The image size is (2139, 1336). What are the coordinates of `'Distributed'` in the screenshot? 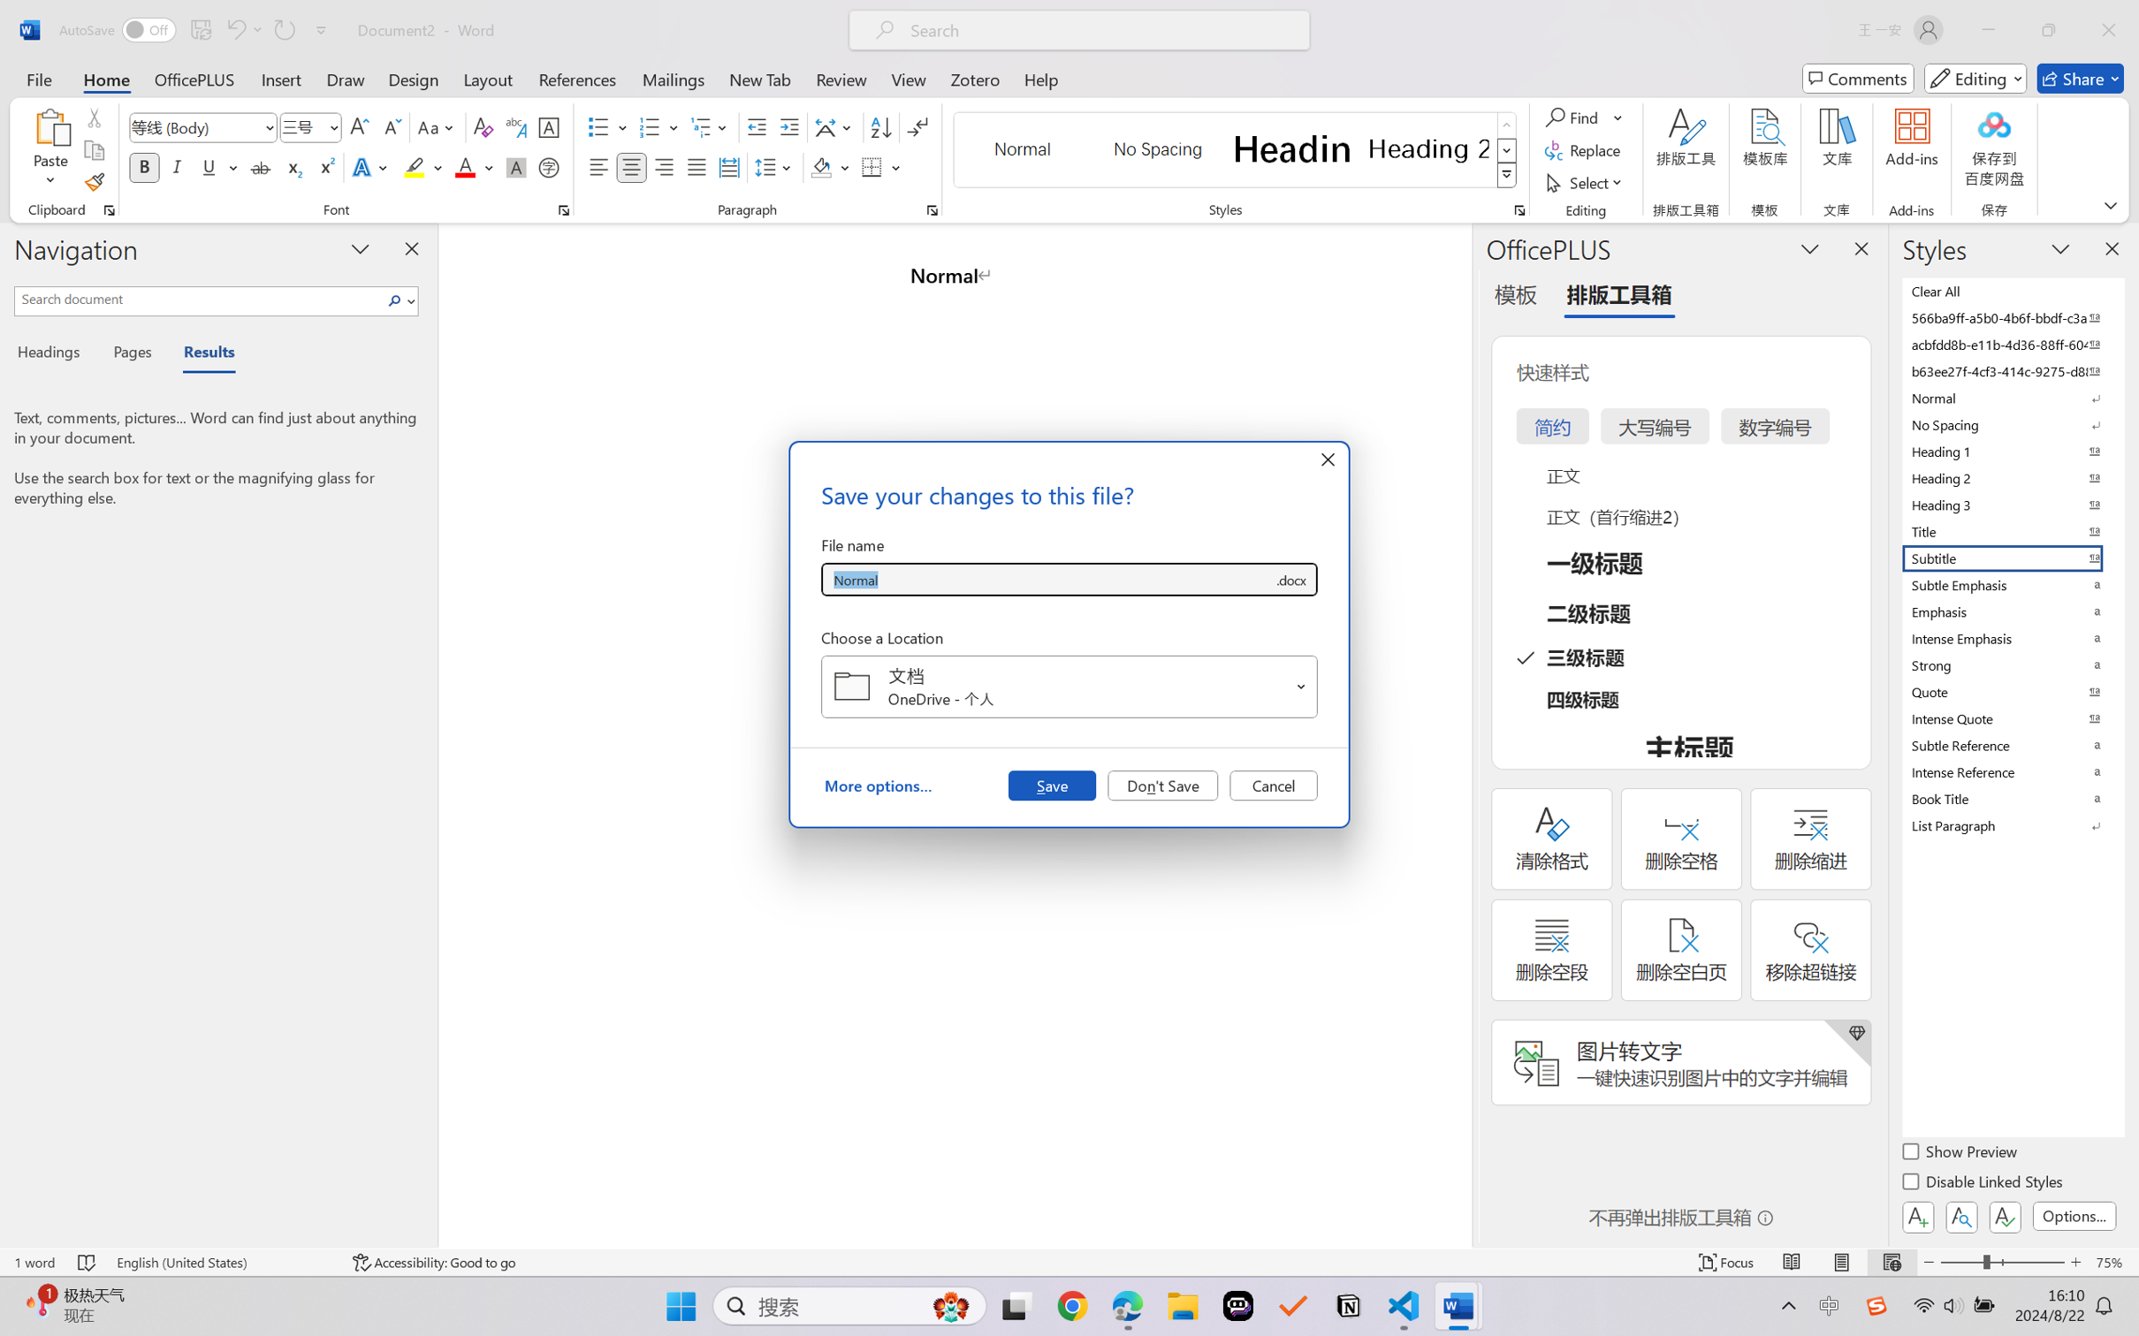 It's located at (727, 166).